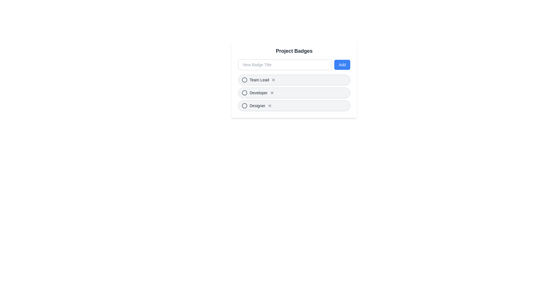 This screenshot has height=303, width=538. Describe the element at coordinates (273, 80) in the screenshot. I see `the badge labeled Team Lead by clicking the corresponding 'X' button` at that location.